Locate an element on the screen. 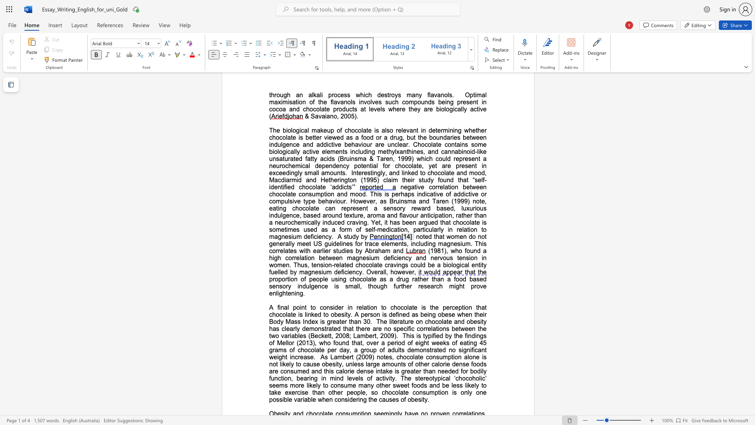  the subset text "al" within the text "generally meet" is located at coordinates (285, 243).